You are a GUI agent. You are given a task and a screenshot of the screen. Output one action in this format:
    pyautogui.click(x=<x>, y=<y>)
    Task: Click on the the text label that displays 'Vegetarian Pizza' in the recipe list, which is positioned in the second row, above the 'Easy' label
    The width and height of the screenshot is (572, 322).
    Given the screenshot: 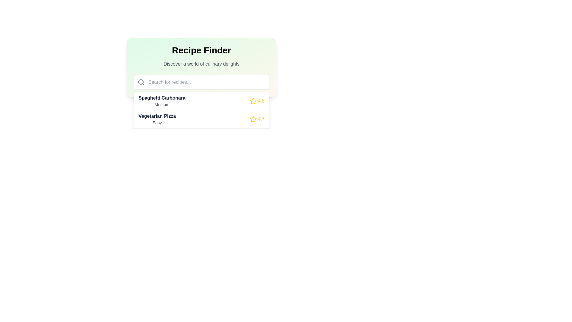 What is the action you would take?
    pyautogui.click(x=157, y=116)
    